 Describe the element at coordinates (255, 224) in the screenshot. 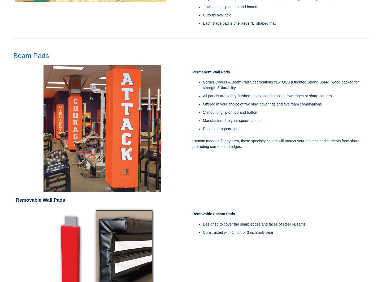

I see `'Designed to cover the sharp edges and faces of steel I-Beams.'` at that location.